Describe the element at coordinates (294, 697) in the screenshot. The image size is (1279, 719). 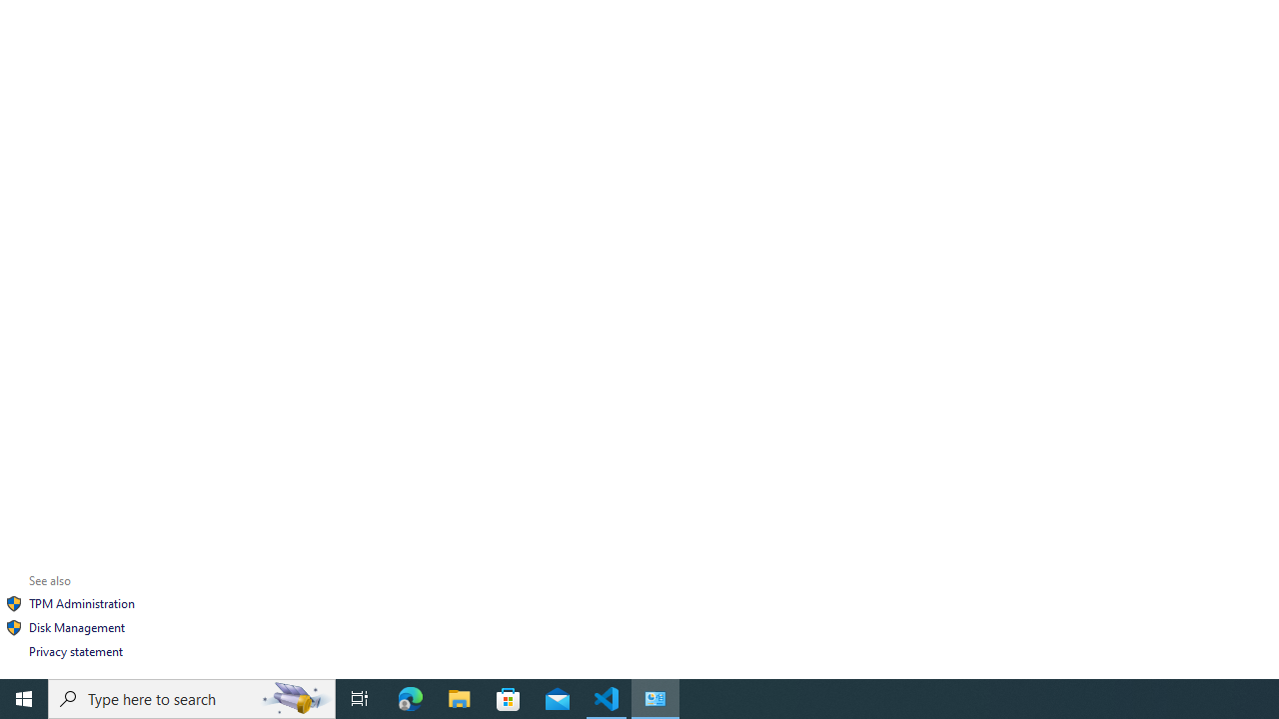
I see `'Search highlights icon opens search home window'` at that location.